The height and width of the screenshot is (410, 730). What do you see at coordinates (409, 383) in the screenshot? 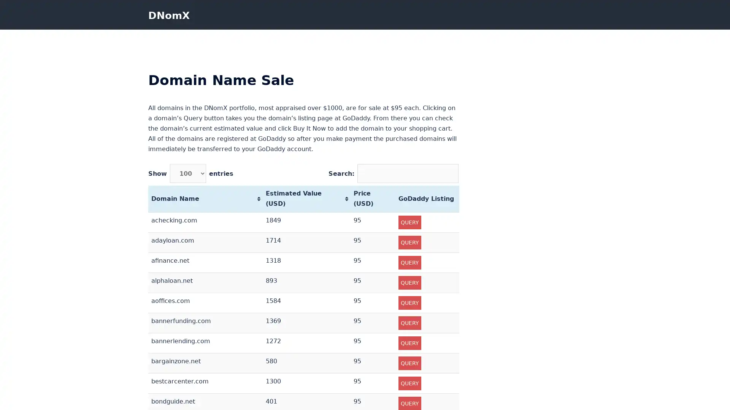
I see `QUERY` at bounding box center [409, 383].